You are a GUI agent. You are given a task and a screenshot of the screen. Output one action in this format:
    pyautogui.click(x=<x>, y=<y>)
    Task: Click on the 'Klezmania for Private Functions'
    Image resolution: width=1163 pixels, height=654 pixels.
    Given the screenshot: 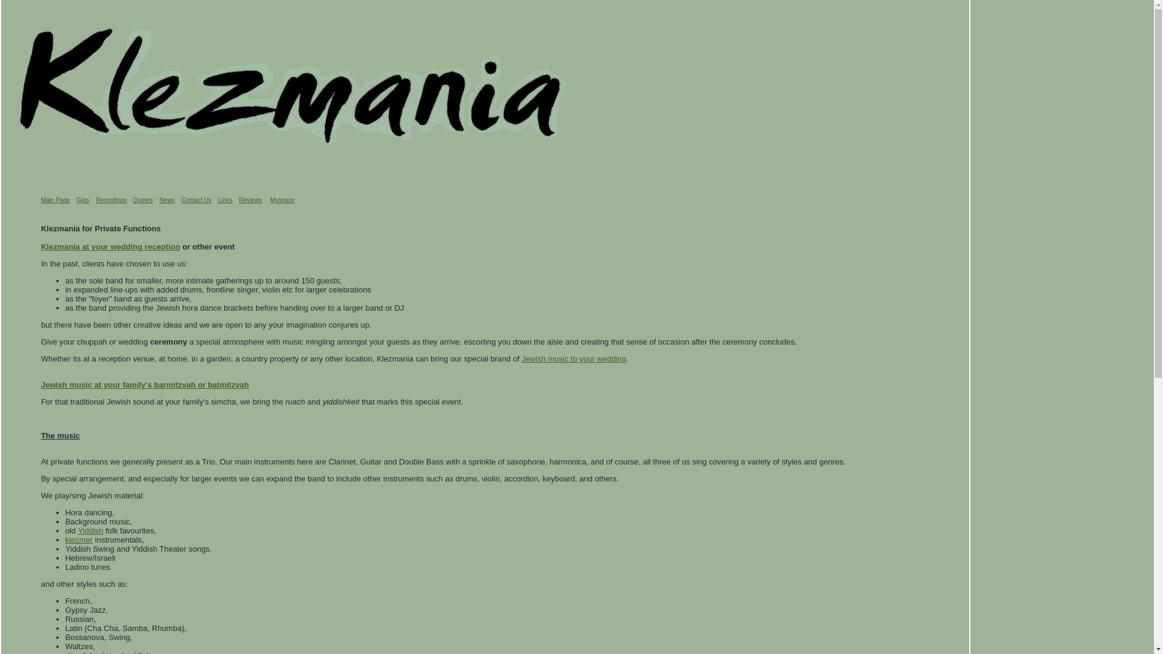 What is the action you would take?
    pyautogui.click(x=101, y=228)
    